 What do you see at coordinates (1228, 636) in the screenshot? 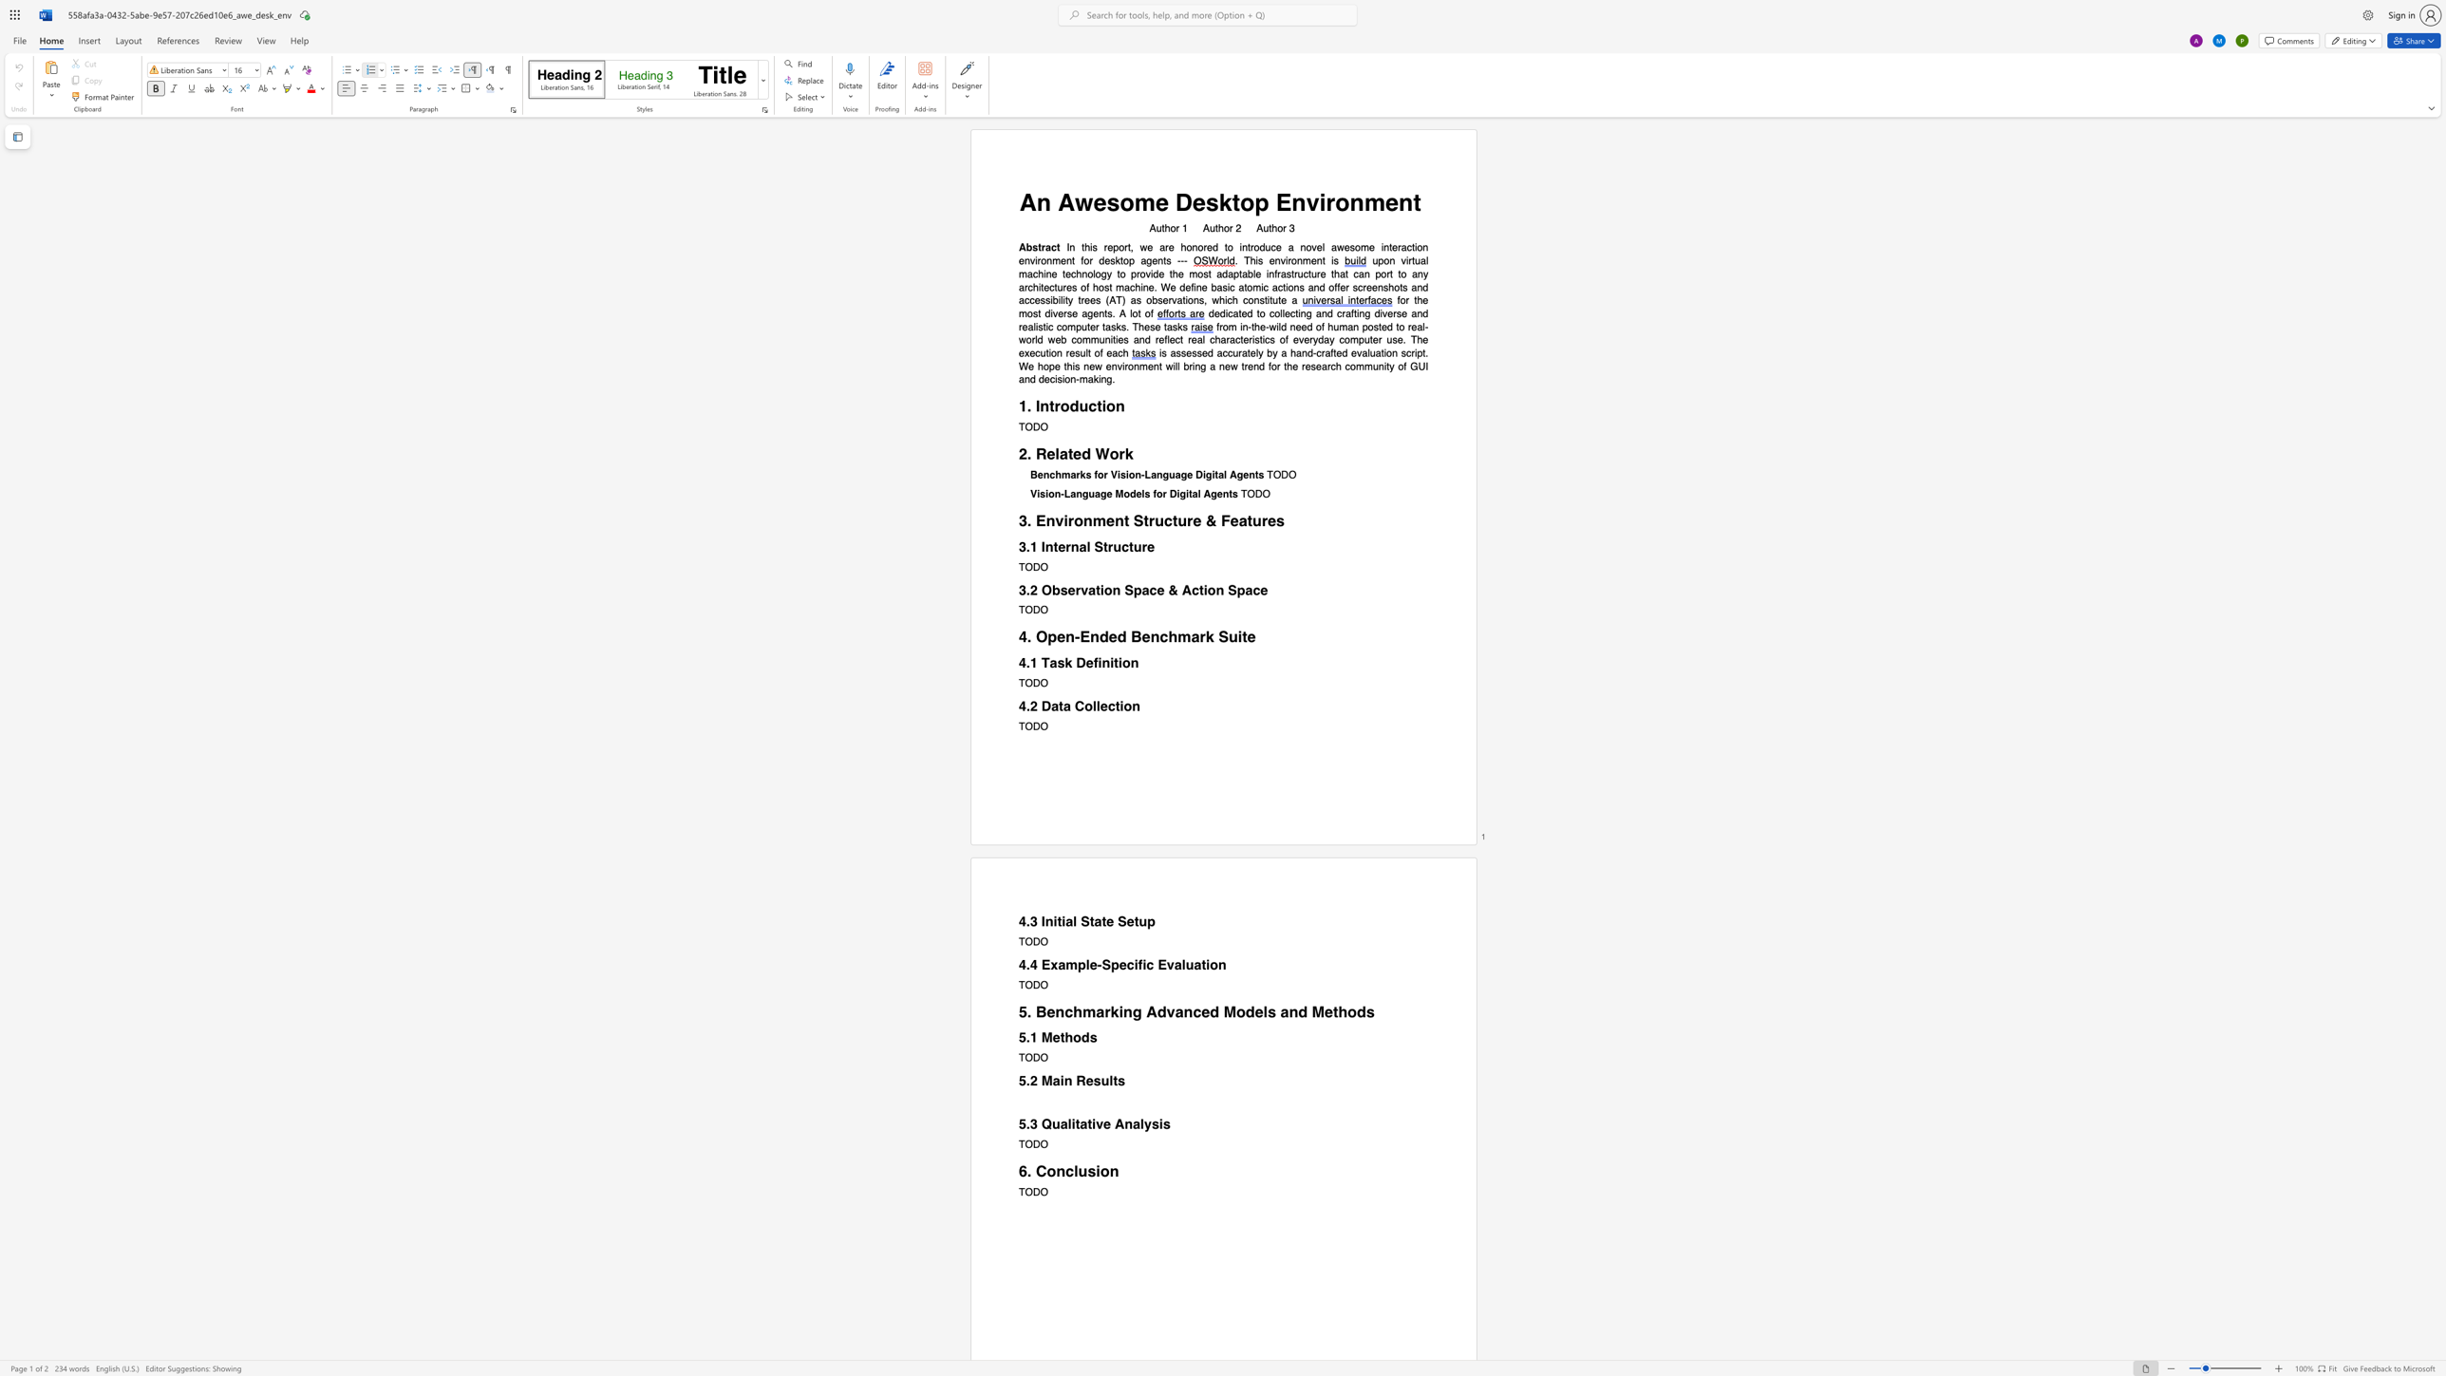
I see `the space between the continuous character "S" and "u" in the text` at bounding box center [1228, 636].